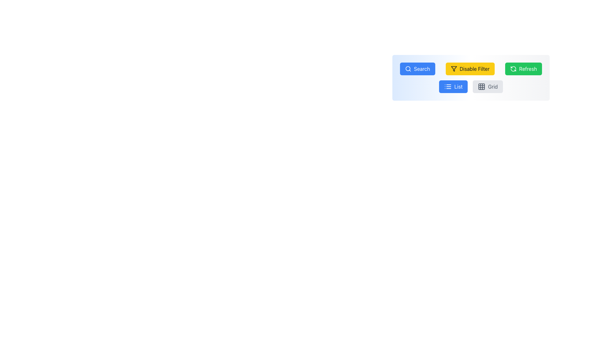 The image size is (610, 343). What do you see at coordinates (528, 69) in the screenshot?
I see `the 'Refresh' text label inside the green button located in the top-right area of the user interface` at bounding box center [528, 69].